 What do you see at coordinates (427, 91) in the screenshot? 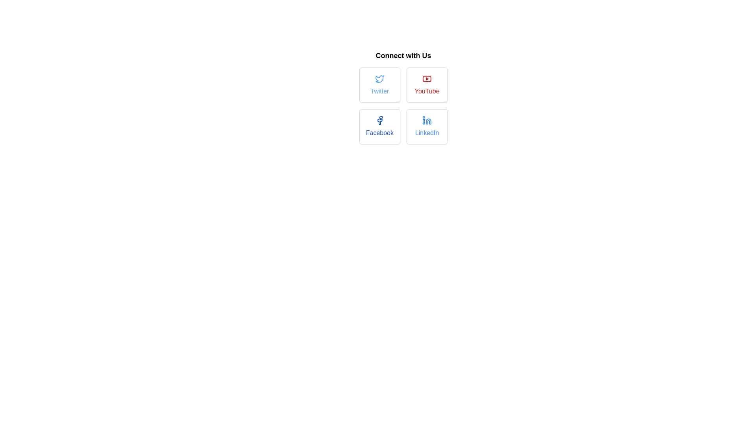
I see `the 'YouTube' text label displayed in bold red font, which is positioned below the YouTube icon within a grouping of social media platforms` at bounding box center [427, 91].